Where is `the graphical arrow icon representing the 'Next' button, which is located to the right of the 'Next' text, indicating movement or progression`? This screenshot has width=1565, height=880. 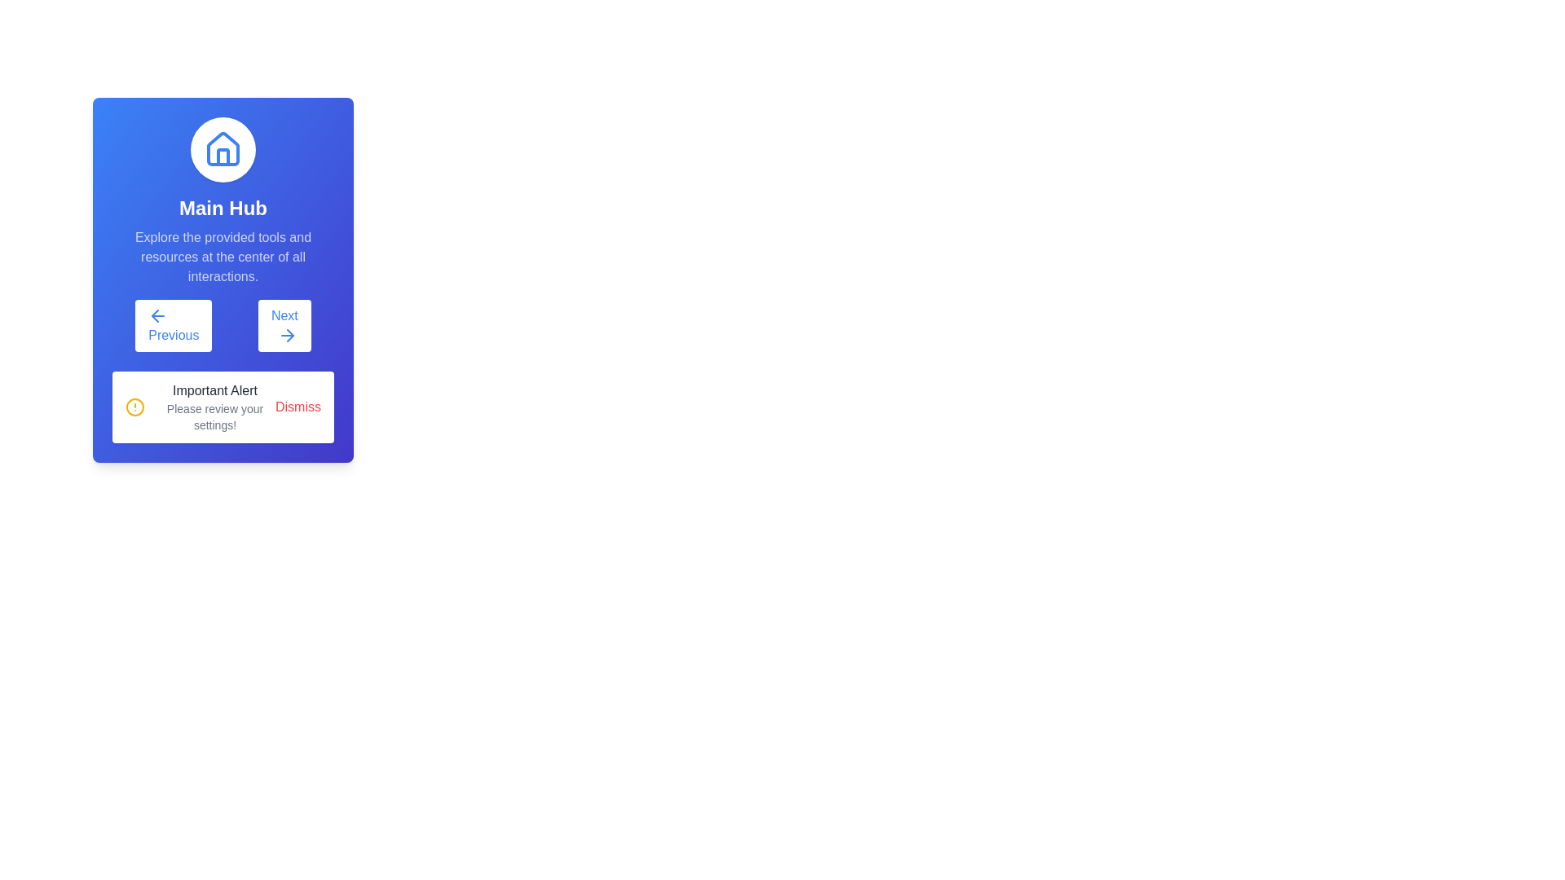 the graphical arrow icon representing the 'Next' button, which is located to the right of the 'Next' text, indicating movement or progression is located at coordinates (290, 335).